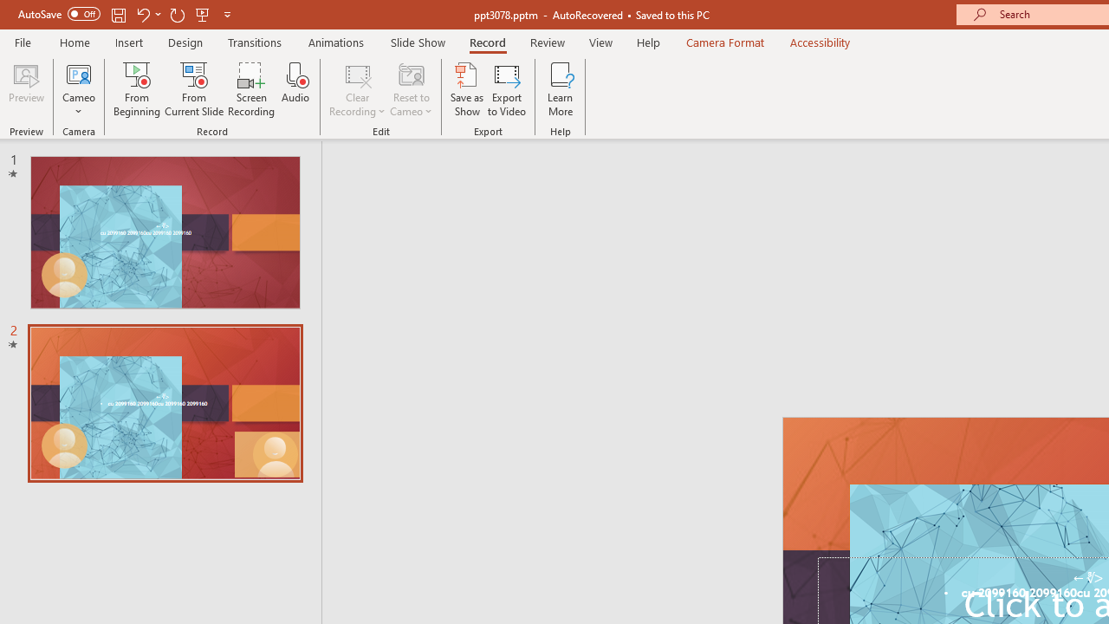 The height and width of the screenshot is (624, 1109). I want to click on 'Help', so click(647, 42).